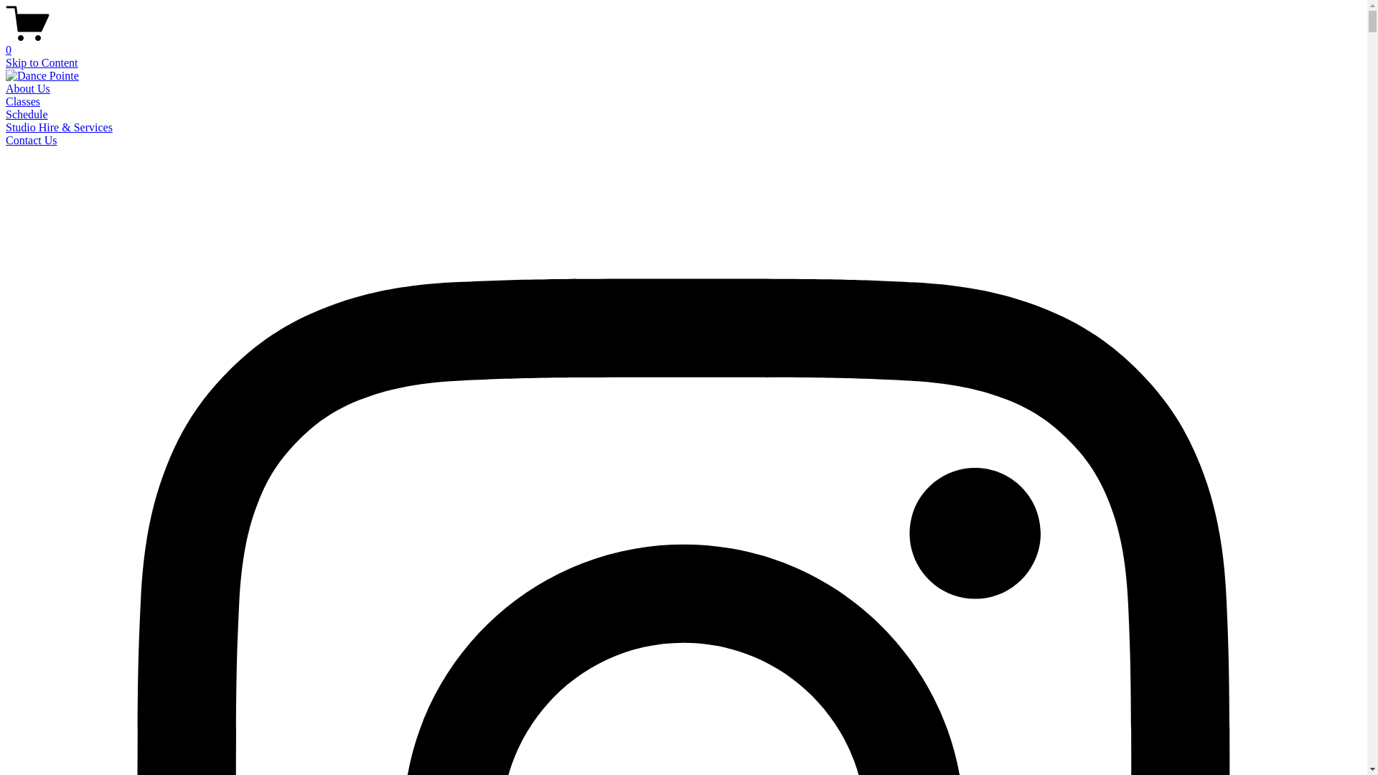  Describe the element at coordinates (31, 140) in the screenshot. I see `'Contact Us'` at that location.